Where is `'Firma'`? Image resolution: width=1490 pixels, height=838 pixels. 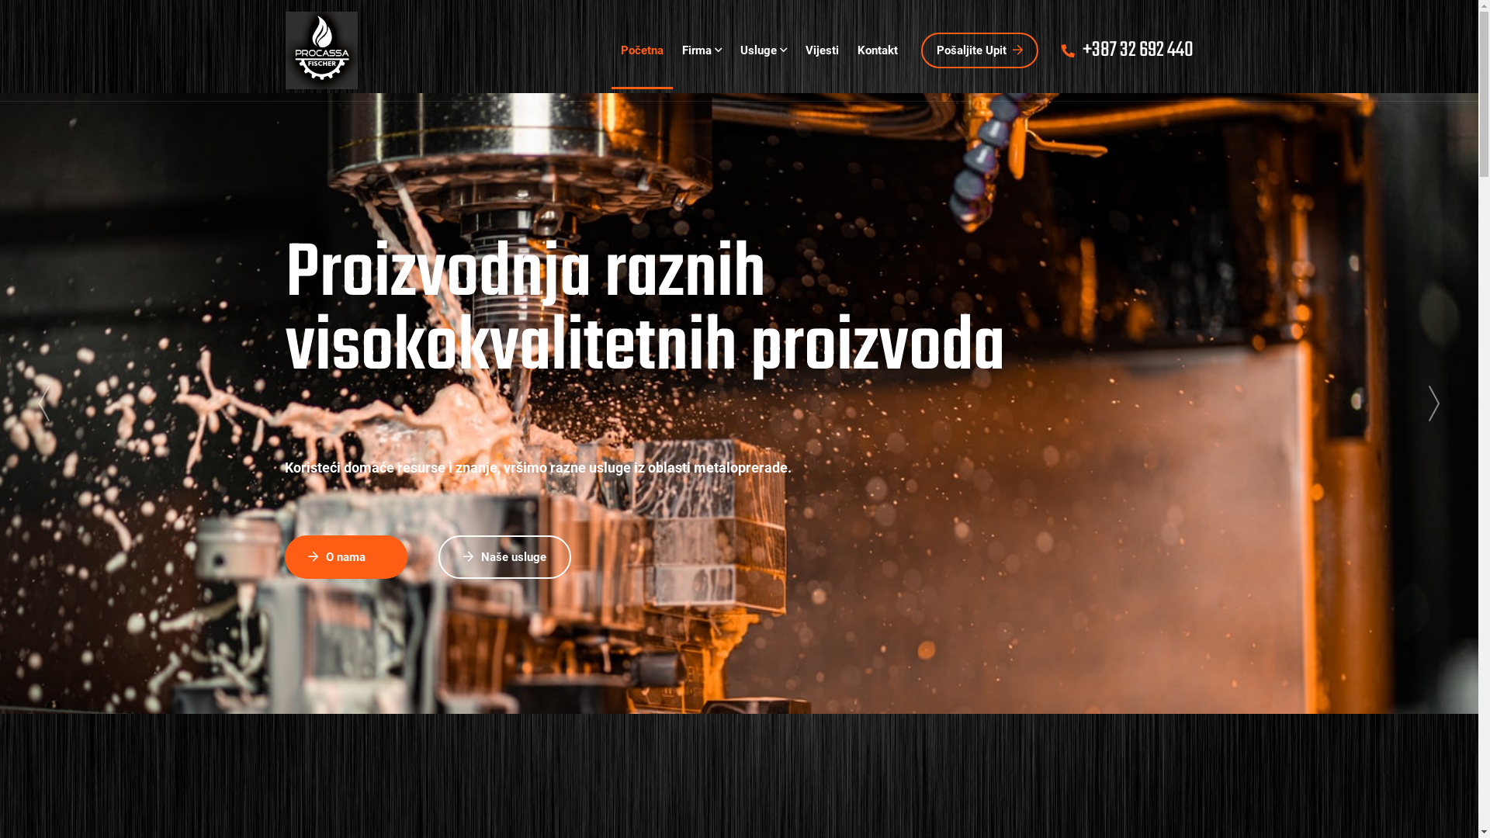 'Firma' is located at coordinates (700, 50).